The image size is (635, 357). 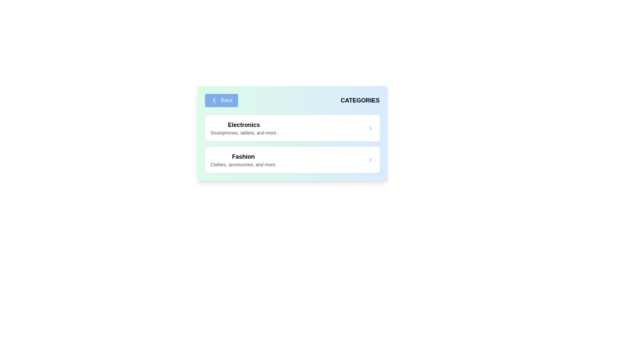 I want to click on the descriptive text element located beneath the 'Fashion' title in the second card of the interface, which provides additional information about the 'Fashion' category, so click(x=243, y=164).